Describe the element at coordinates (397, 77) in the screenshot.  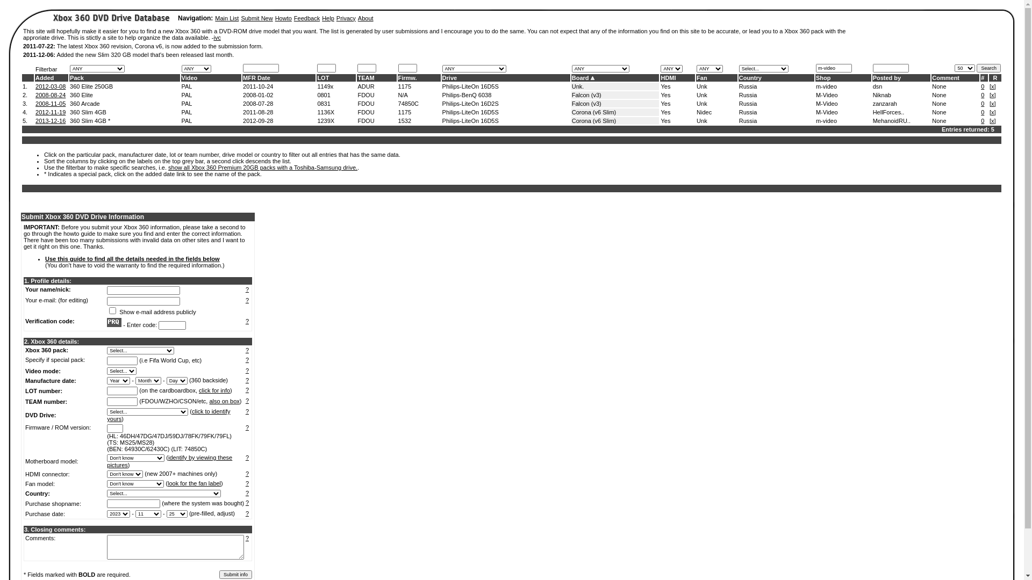
I see `'Firmw.'` at that location.